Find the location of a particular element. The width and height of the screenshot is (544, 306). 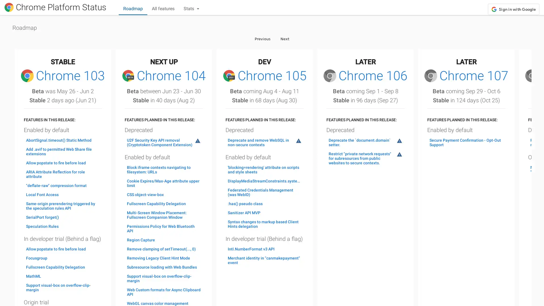

Button to move to previous release is located at coordinates (262, 38).